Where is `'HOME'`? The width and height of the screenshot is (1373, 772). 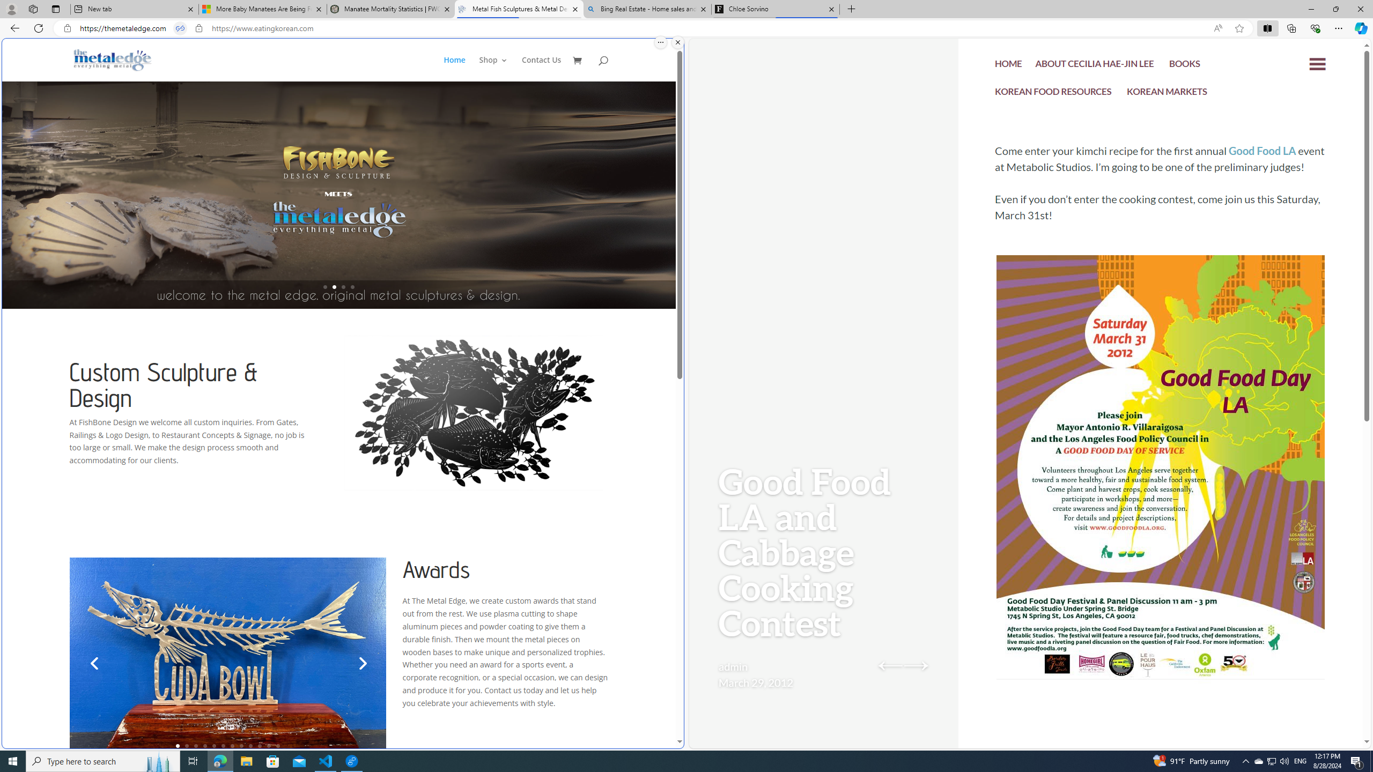 'HOME' is located at coordinates (1008, 65).